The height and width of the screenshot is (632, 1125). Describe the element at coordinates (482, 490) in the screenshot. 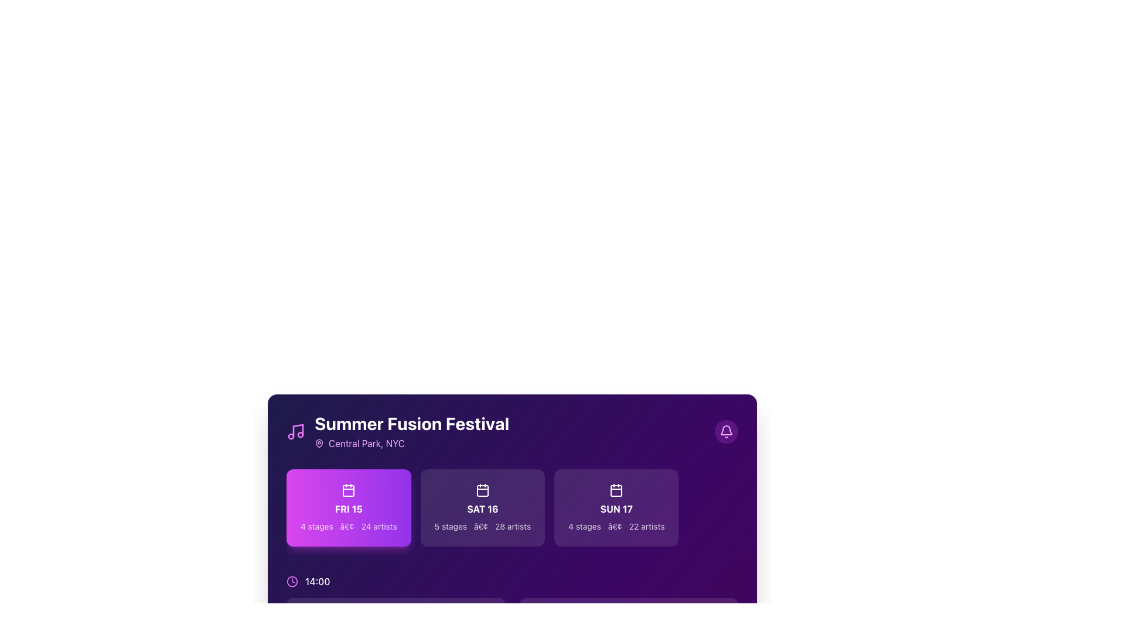

I see `the calendar icon located in the center column of the event day cards` at that location.